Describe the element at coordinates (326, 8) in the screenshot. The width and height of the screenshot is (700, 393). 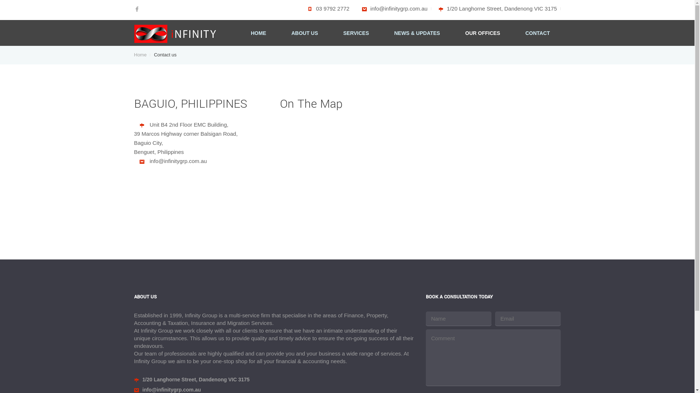
I see `'03 9792 2772'` at that location.